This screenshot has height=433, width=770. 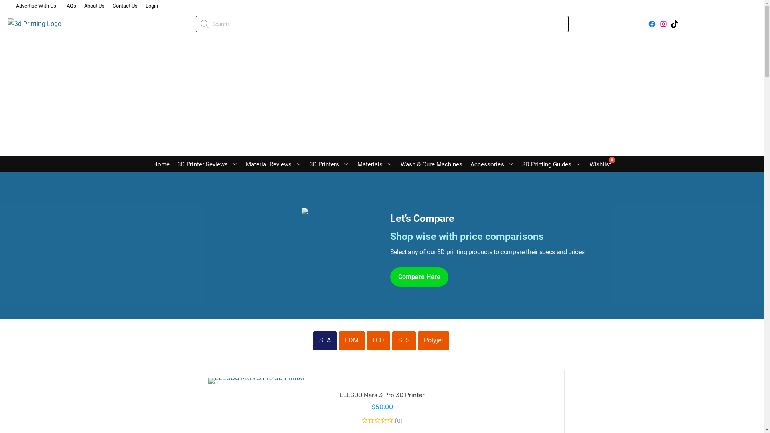 I want to click on 'Material Reviews', so click(x=273, y=164).